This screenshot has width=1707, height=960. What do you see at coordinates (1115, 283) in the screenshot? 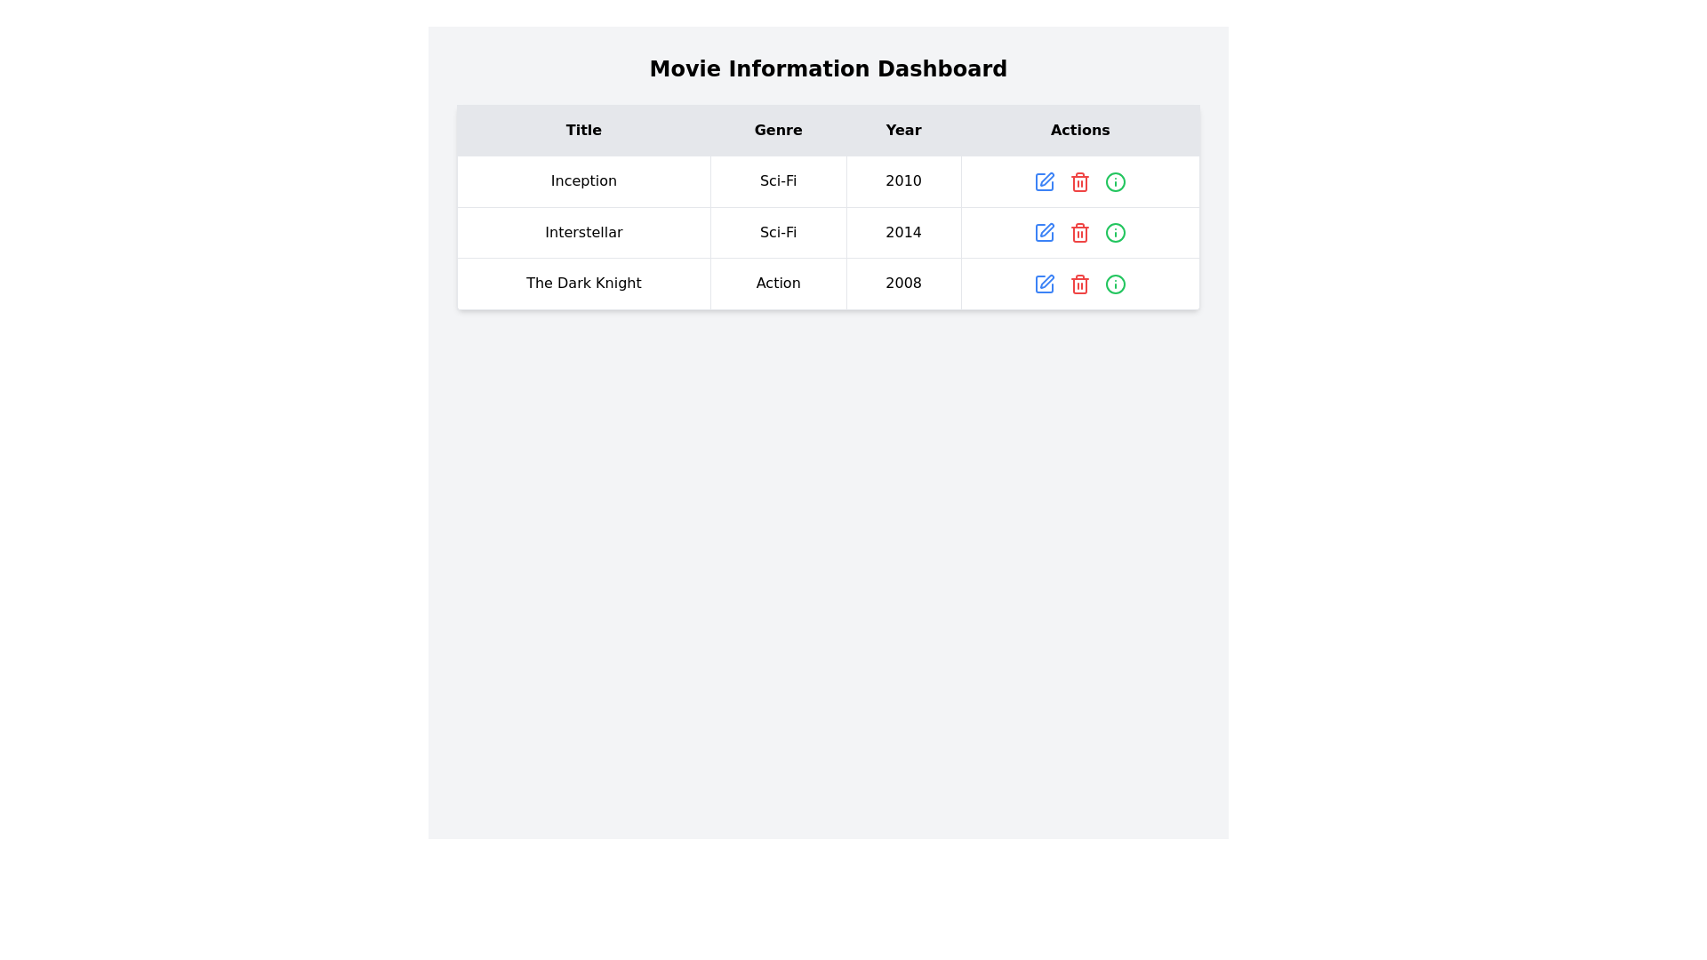
I see `the indicator icon located in the bottom-most row of the table within the 'Actions' column, which is the last icon in a sequence of three icons` at bounding box center [1115, 283].